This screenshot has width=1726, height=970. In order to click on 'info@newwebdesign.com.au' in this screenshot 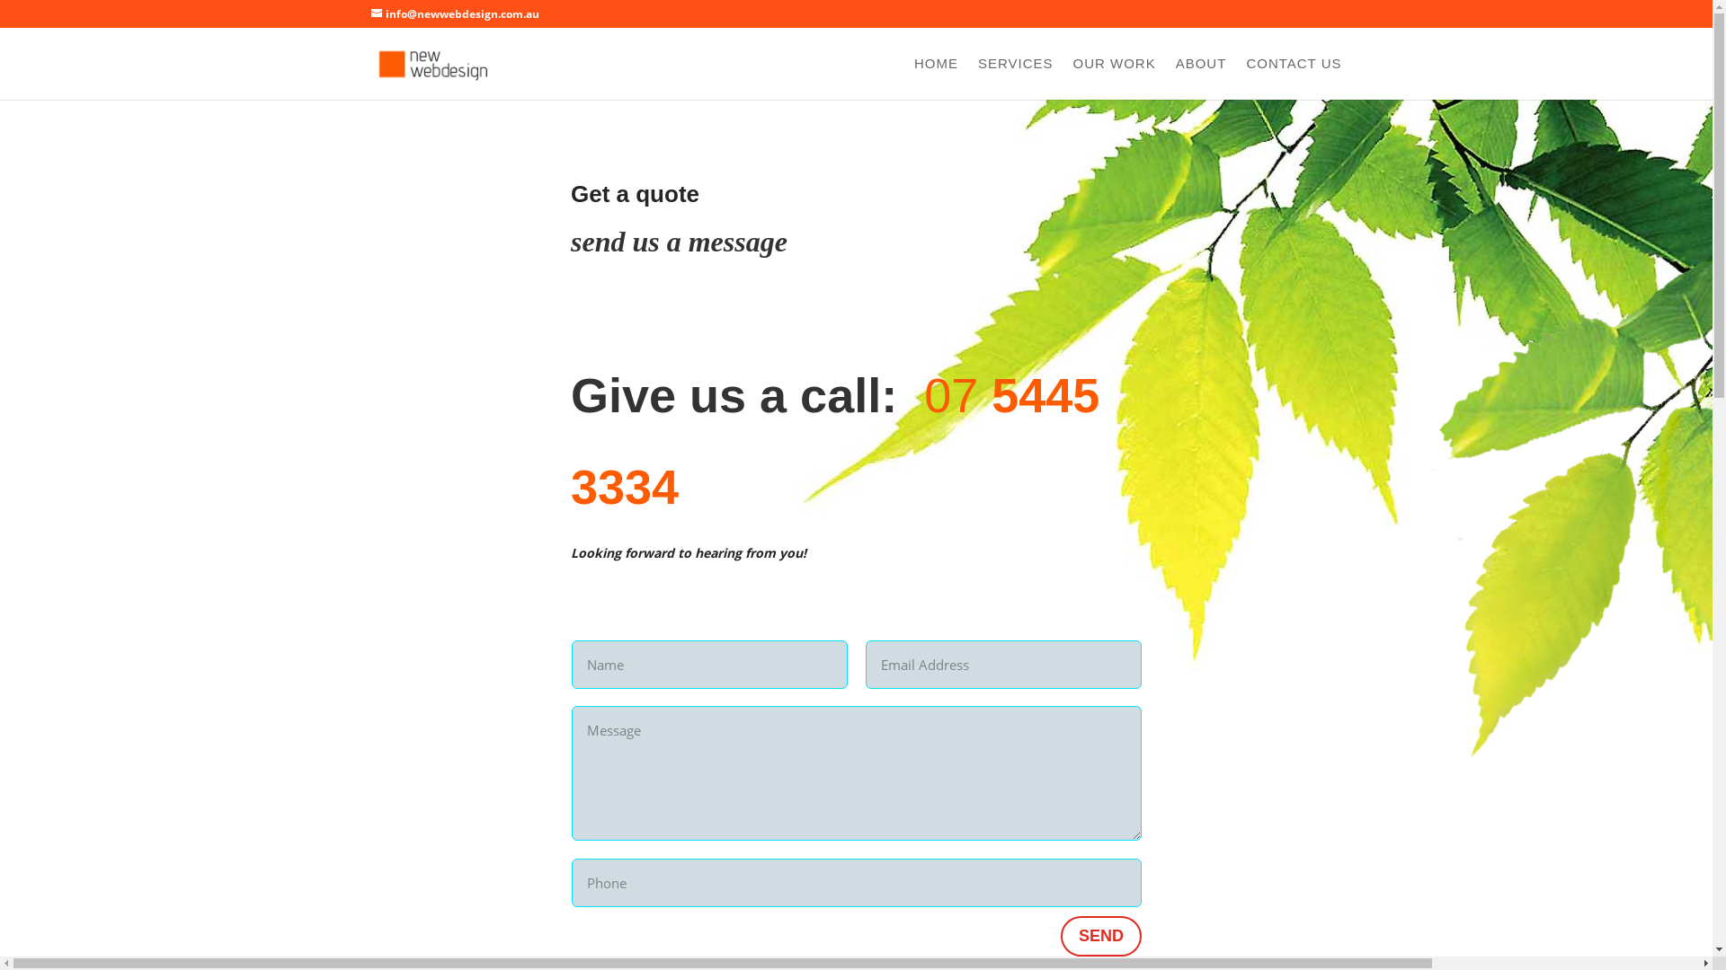, I will do `click(454, 13)`.